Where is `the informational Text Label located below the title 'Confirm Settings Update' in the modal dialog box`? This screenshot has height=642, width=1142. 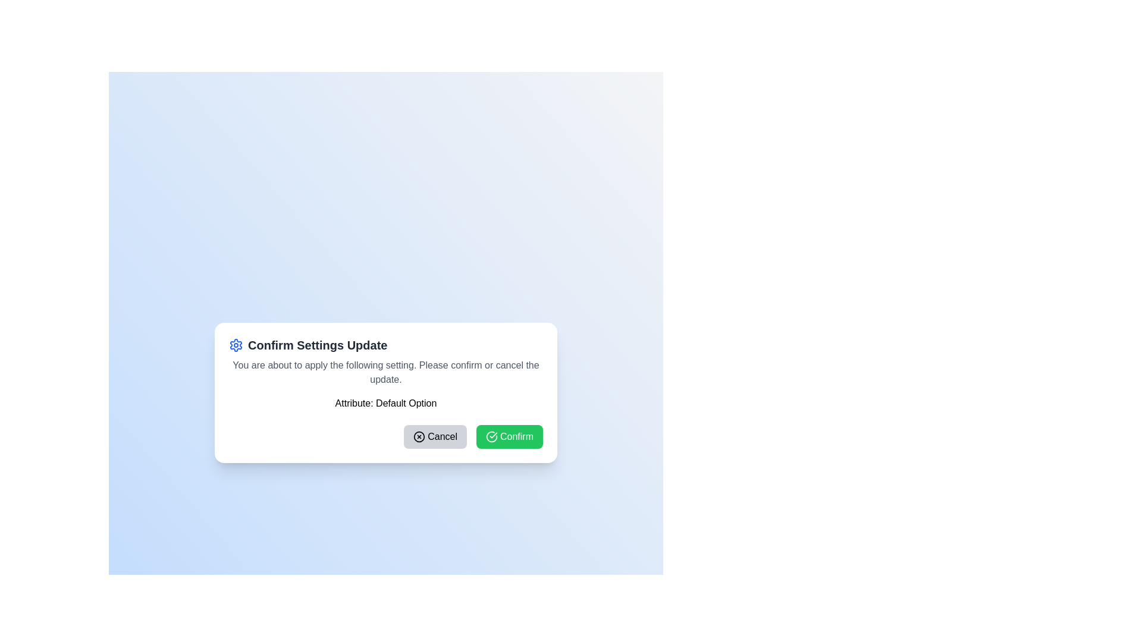
the informational Text Label located below the title 'Confirm Settings Update' in the modal dialog box is located at coordinates (385, 372).